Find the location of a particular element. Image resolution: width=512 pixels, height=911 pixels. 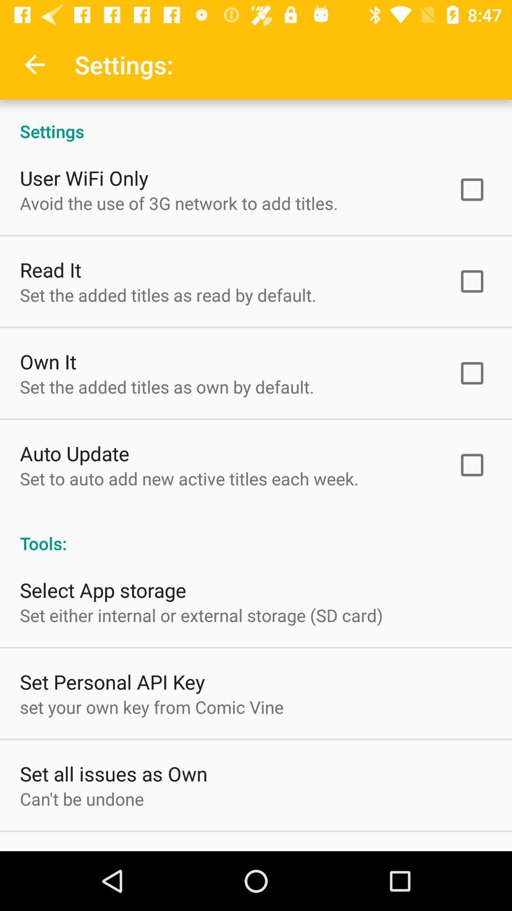

the set either internal item is located at coordinates (201, 615).